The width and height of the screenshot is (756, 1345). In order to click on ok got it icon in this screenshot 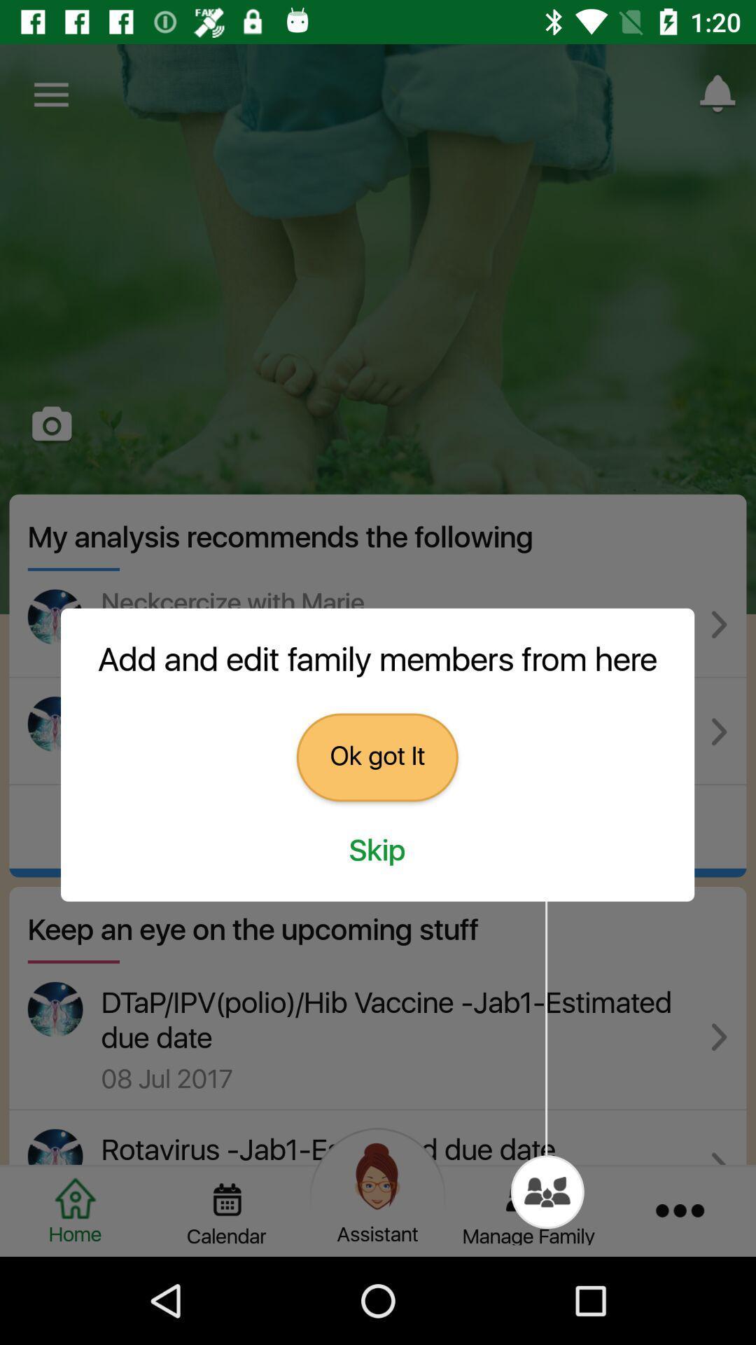, I will do `click(377, 757)`.